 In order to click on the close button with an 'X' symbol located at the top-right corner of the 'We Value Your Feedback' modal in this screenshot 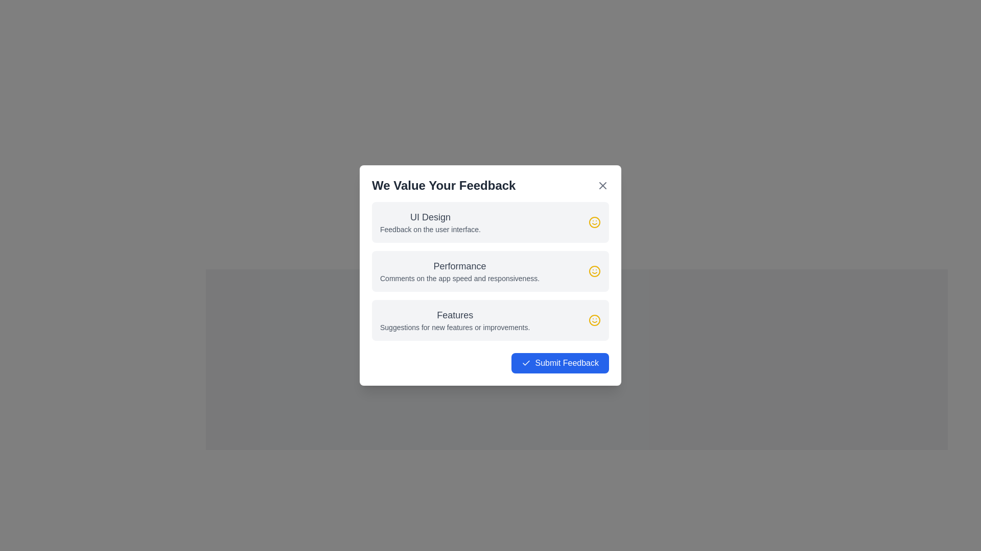, I will do `click(603, 185)`.